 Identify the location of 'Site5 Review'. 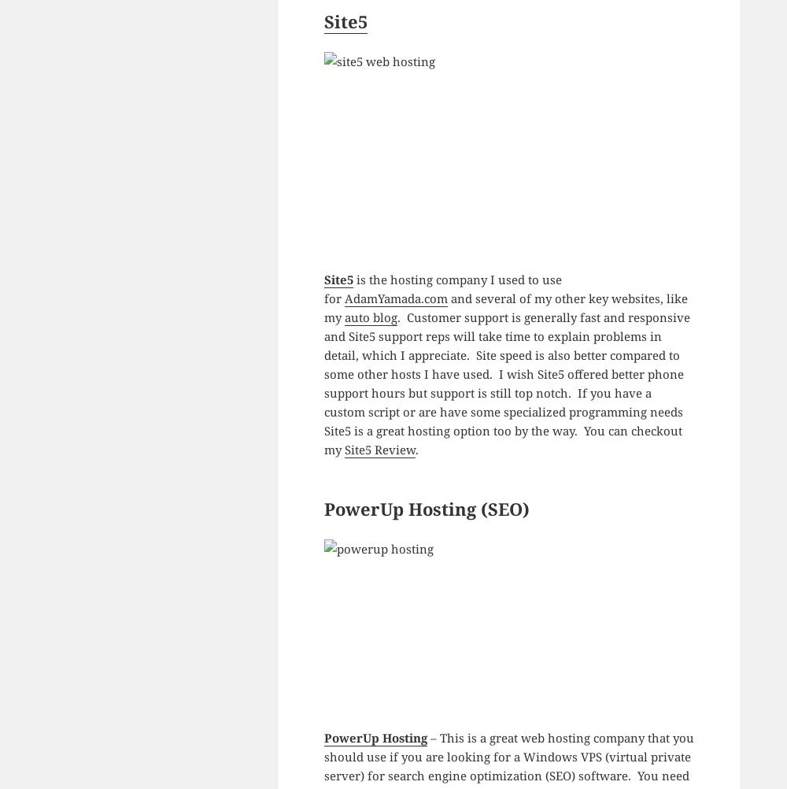
(379, 450).